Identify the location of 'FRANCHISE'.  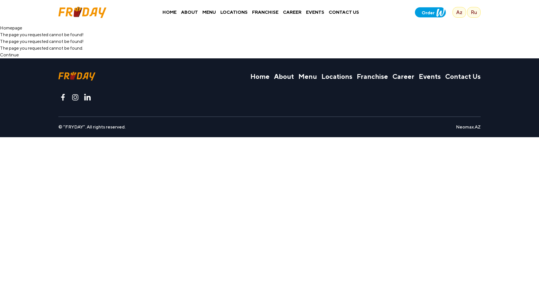
(265, 12).